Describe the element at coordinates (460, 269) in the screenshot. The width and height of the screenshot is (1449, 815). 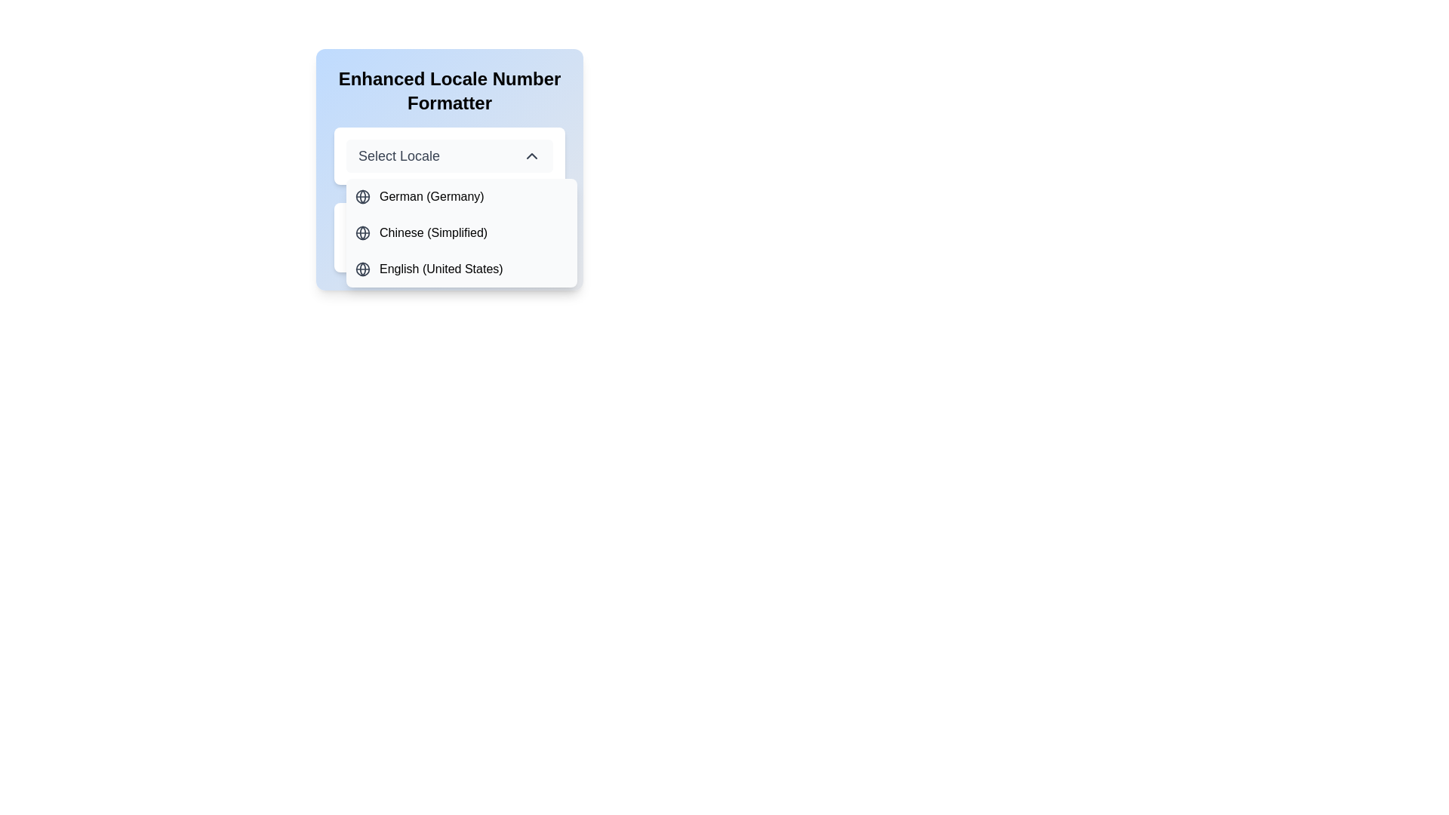
I see `the language option in the dropdown menu` at that location.